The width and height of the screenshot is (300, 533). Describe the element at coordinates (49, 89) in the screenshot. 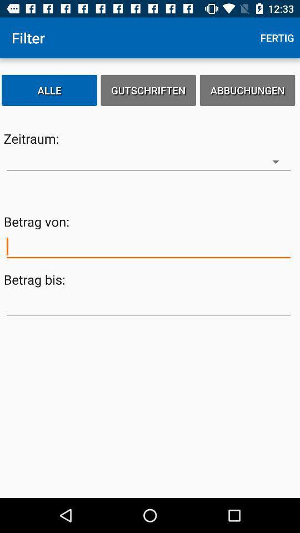

I see `item next to the gutschriften icon` at that location.